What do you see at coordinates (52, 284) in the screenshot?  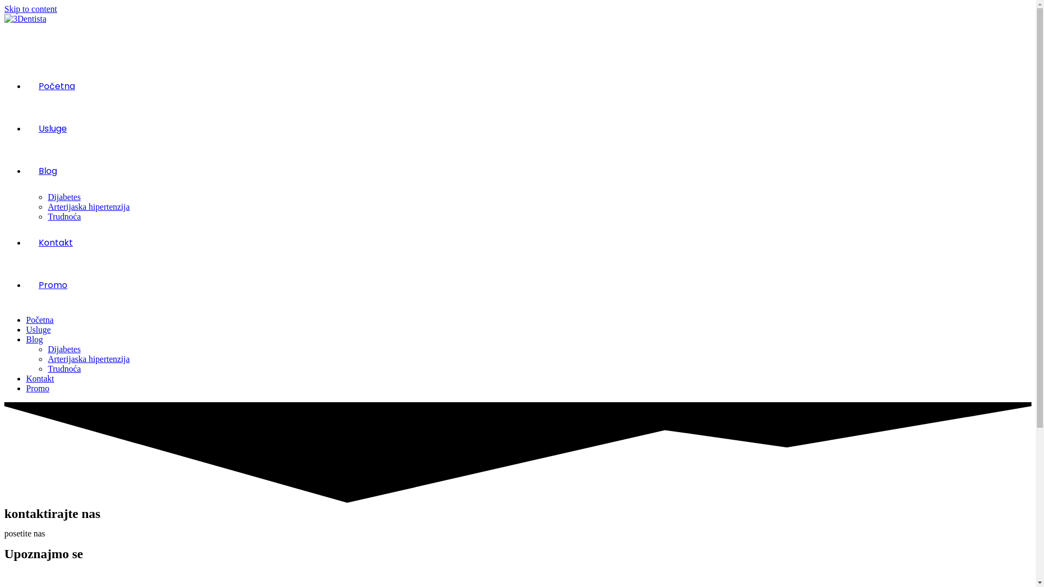 I see `'Promo'` at bounding box center [52, 284].